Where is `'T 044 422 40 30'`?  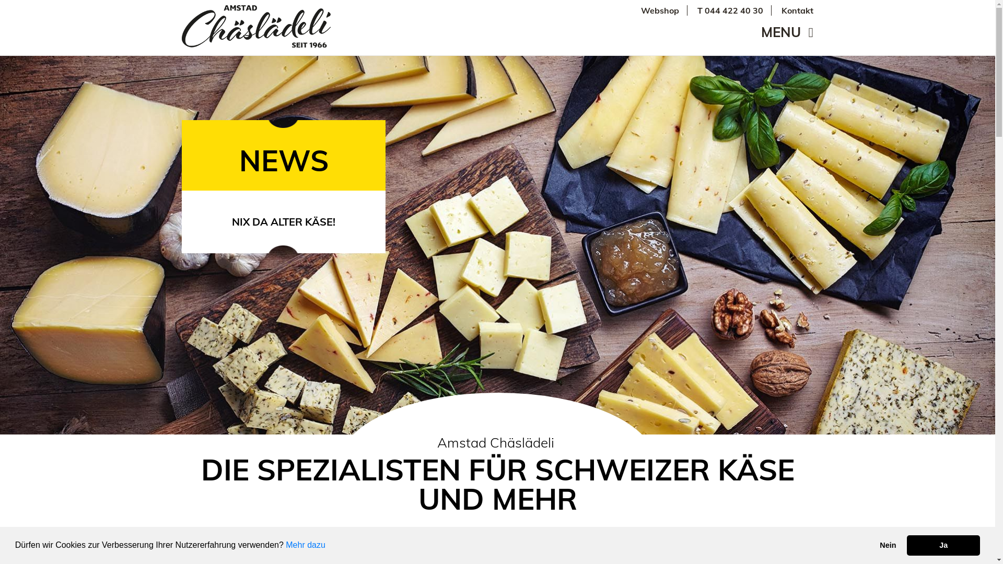 'T 044 422 40 30' is located at coordinates (729, 10).